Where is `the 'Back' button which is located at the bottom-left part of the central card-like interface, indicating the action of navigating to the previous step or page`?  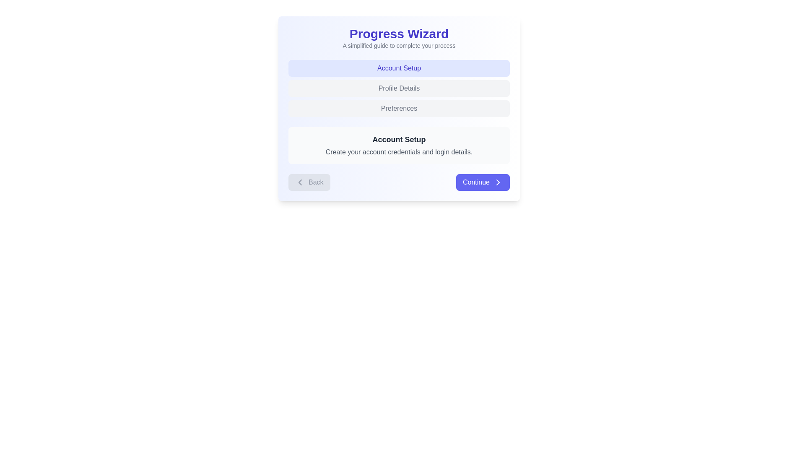
the 'Back' button which is located at the bottom-left part of the central card-like interface, indicating the action of navigating to the previous step or page is located at coordinates (300, 182).